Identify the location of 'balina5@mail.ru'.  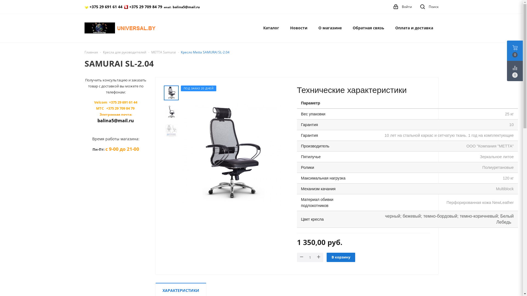
(115, 120).